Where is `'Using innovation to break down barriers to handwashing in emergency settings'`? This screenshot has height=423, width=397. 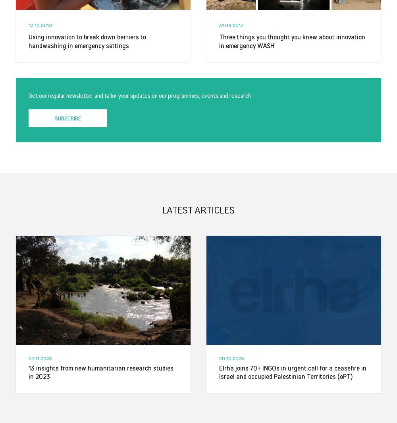
'Using innovation to break down barriers to handwashing in emergency settings' is located at coordinates (87, 41).